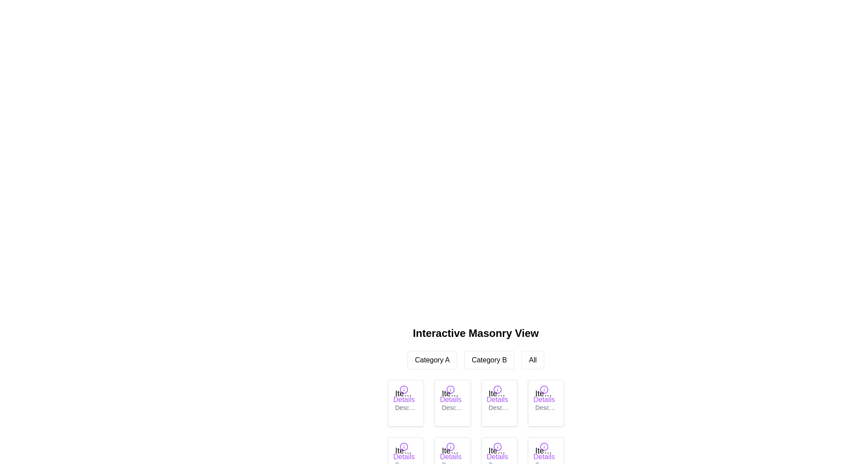 The height and width of the screenshot is (475, 844). I want to click on the circular icon element, which is part of a composite icon in the first column of the second row within a masonry grid layout, so click(404, 446).